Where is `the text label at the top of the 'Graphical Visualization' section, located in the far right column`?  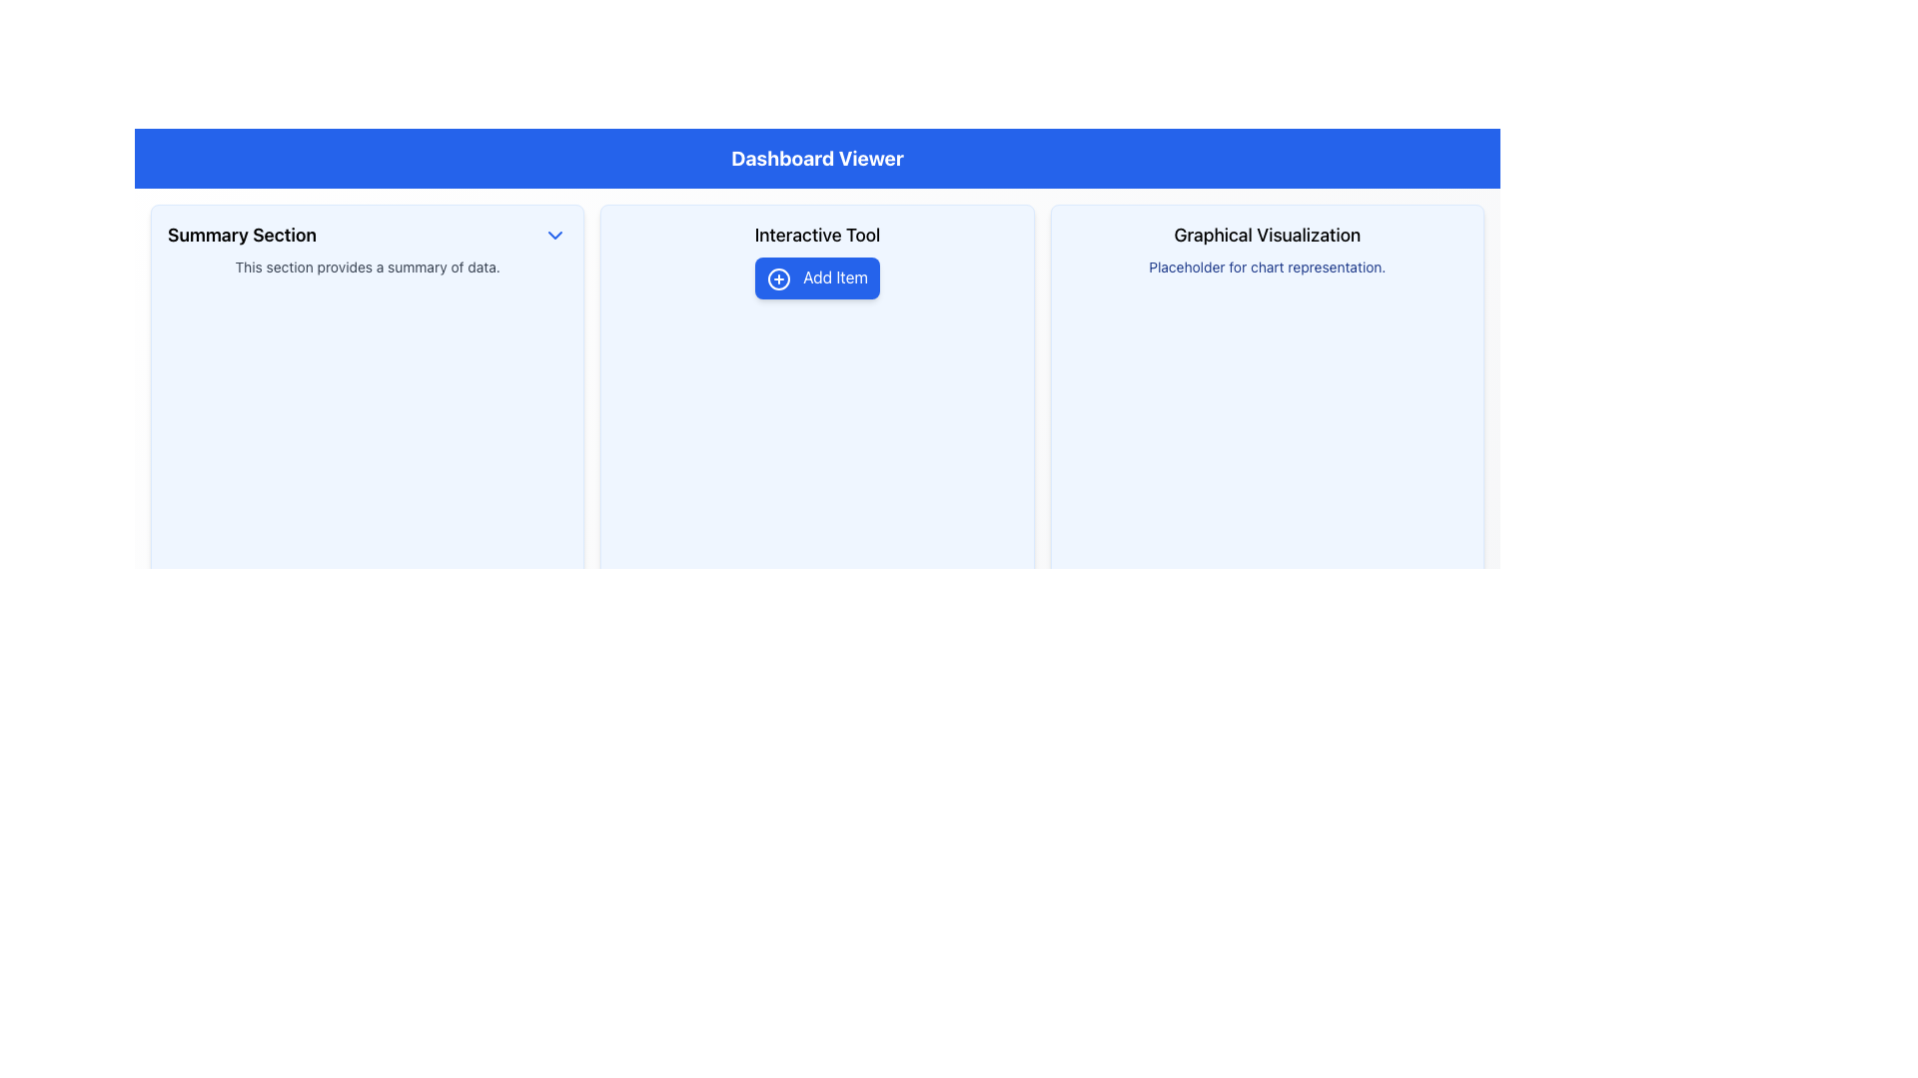 the text label at the top of the 'Graphical Visualization' section, located in the far right column is located at coordinates (1266, 234).